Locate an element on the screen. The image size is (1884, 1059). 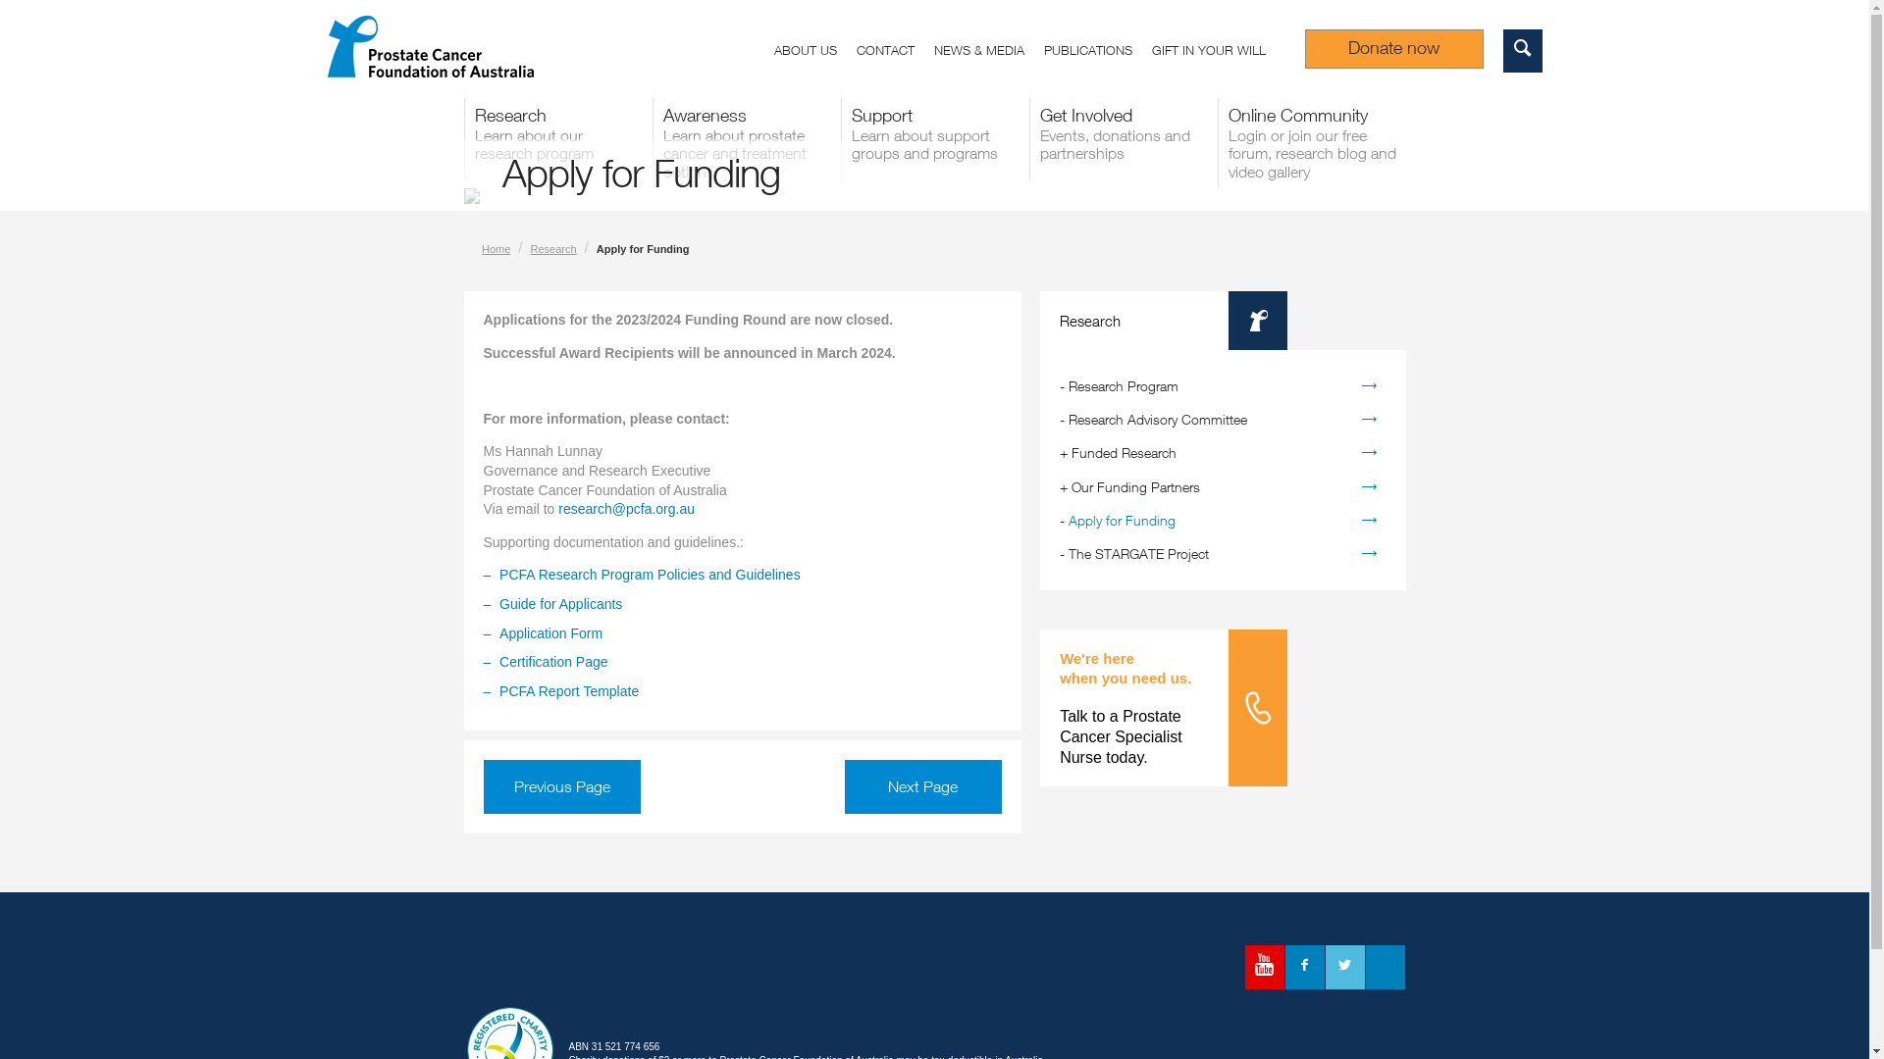
'Previous Page' is located at coordinates (482, 785).